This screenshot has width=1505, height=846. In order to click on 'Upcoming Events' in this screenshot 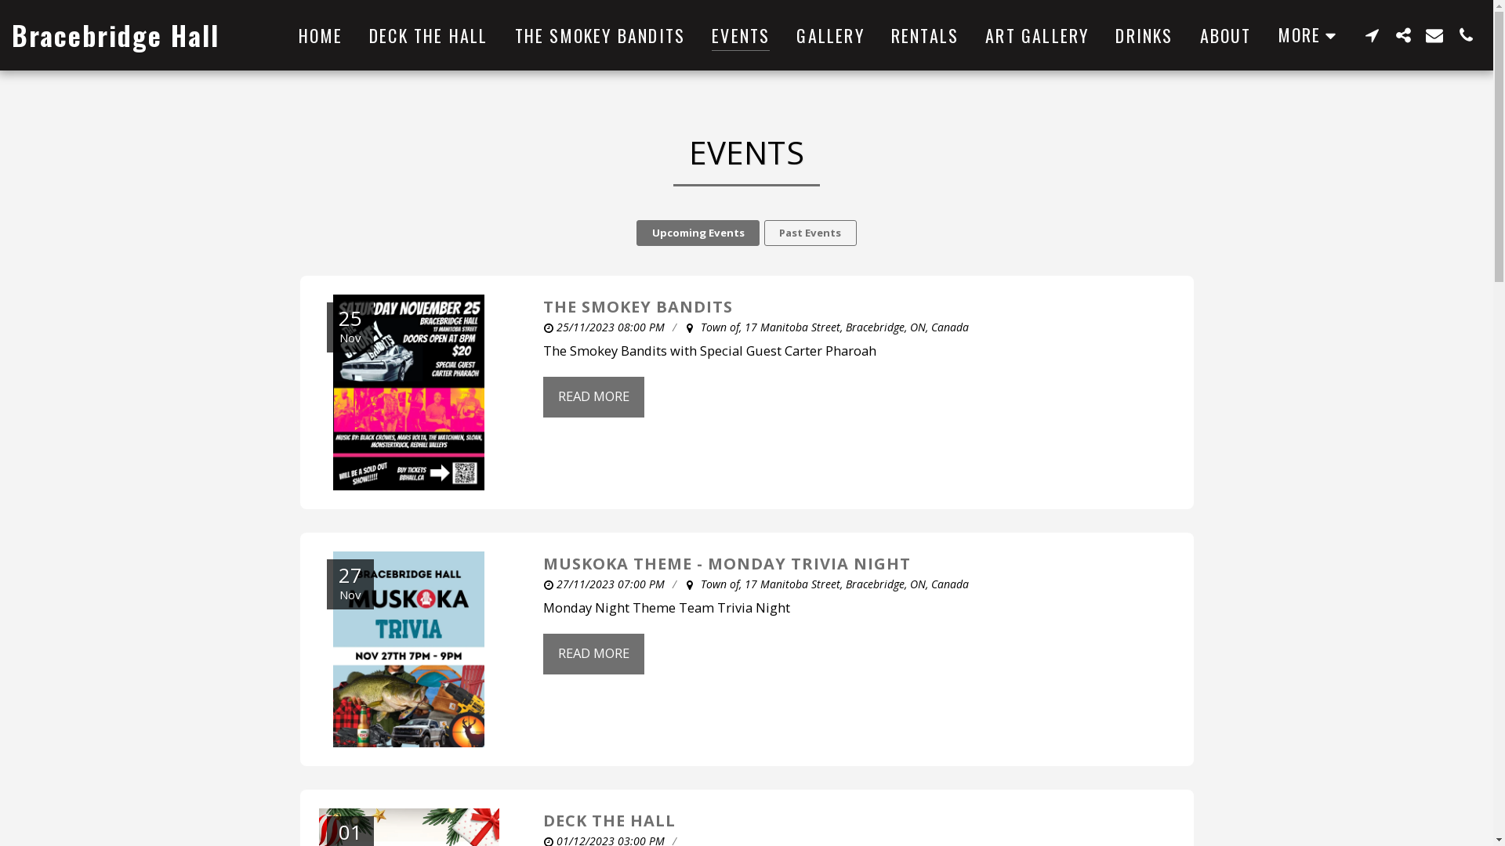, I will do `click(697, 233)`.